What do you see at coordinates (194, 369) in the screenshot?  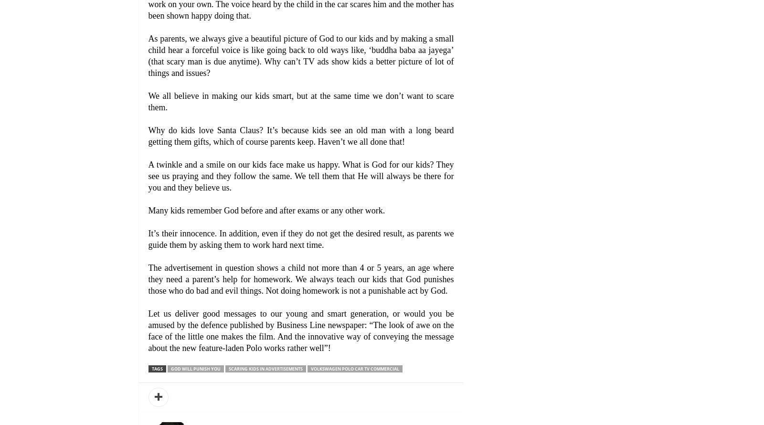 I see `'God Will Punish You'` at bounding box center [194, 369].